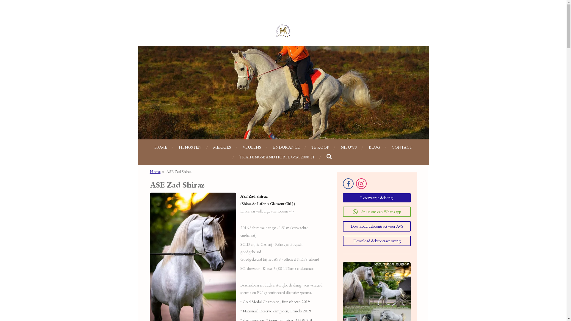 This screenshot has width=571, height=321. Describe the element at coordinates (155, 171) in the screenshot. I see `'Home'` at that location.